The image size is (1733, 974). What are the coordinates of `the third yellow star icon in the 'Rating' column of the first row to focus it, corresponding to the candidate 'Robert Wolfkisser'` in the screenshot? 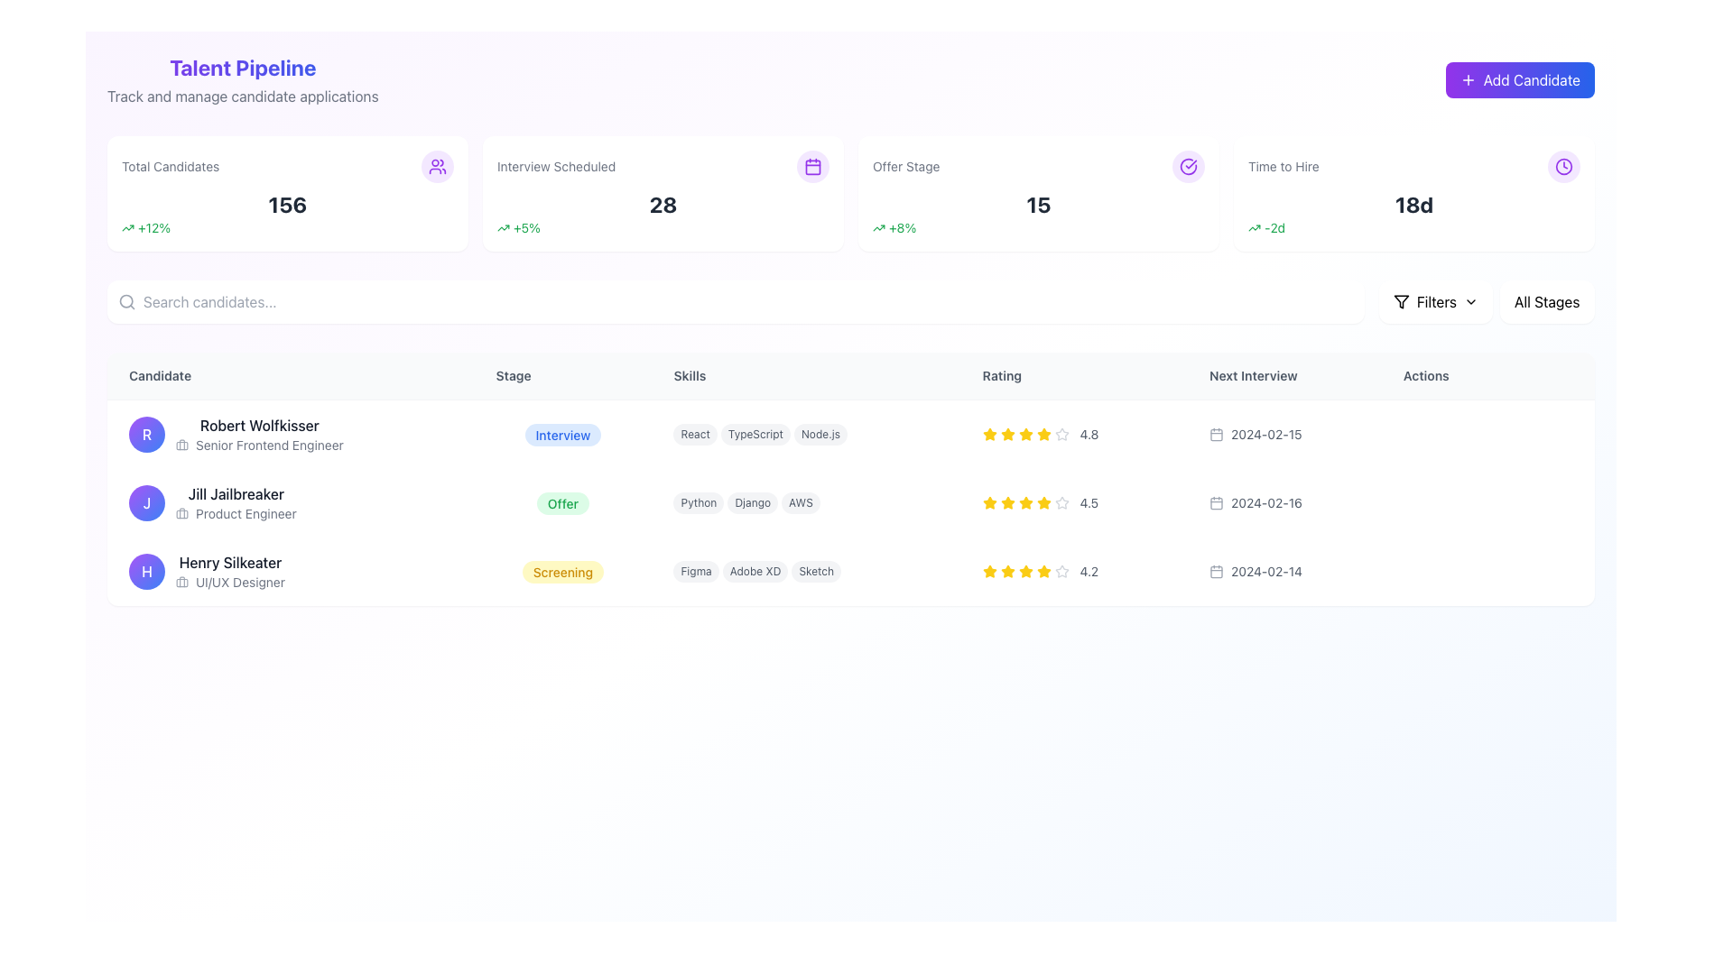 It's located at (1006, 435).